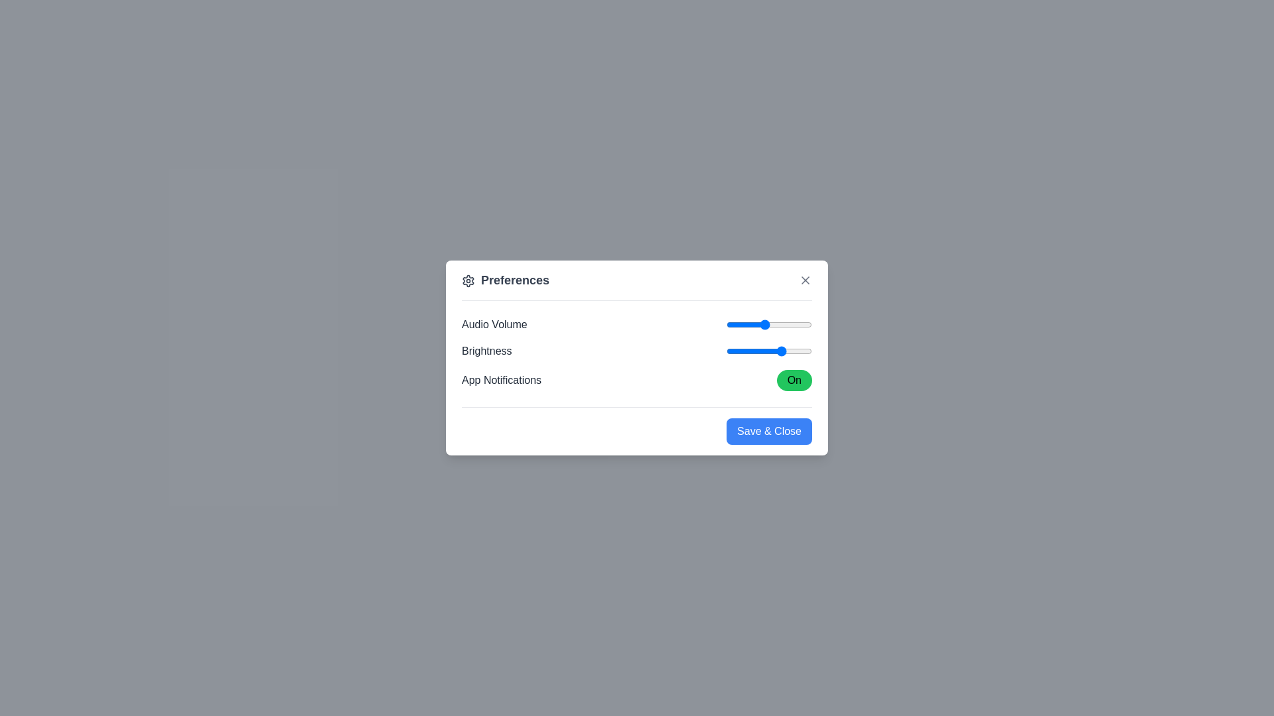 The image size is (1274, 716). What do you see at coordinates (768, 432) in the screenshot?
I see `the 'Save & Close' button to save changes and close the dialog` at bounding box center [768, 432].